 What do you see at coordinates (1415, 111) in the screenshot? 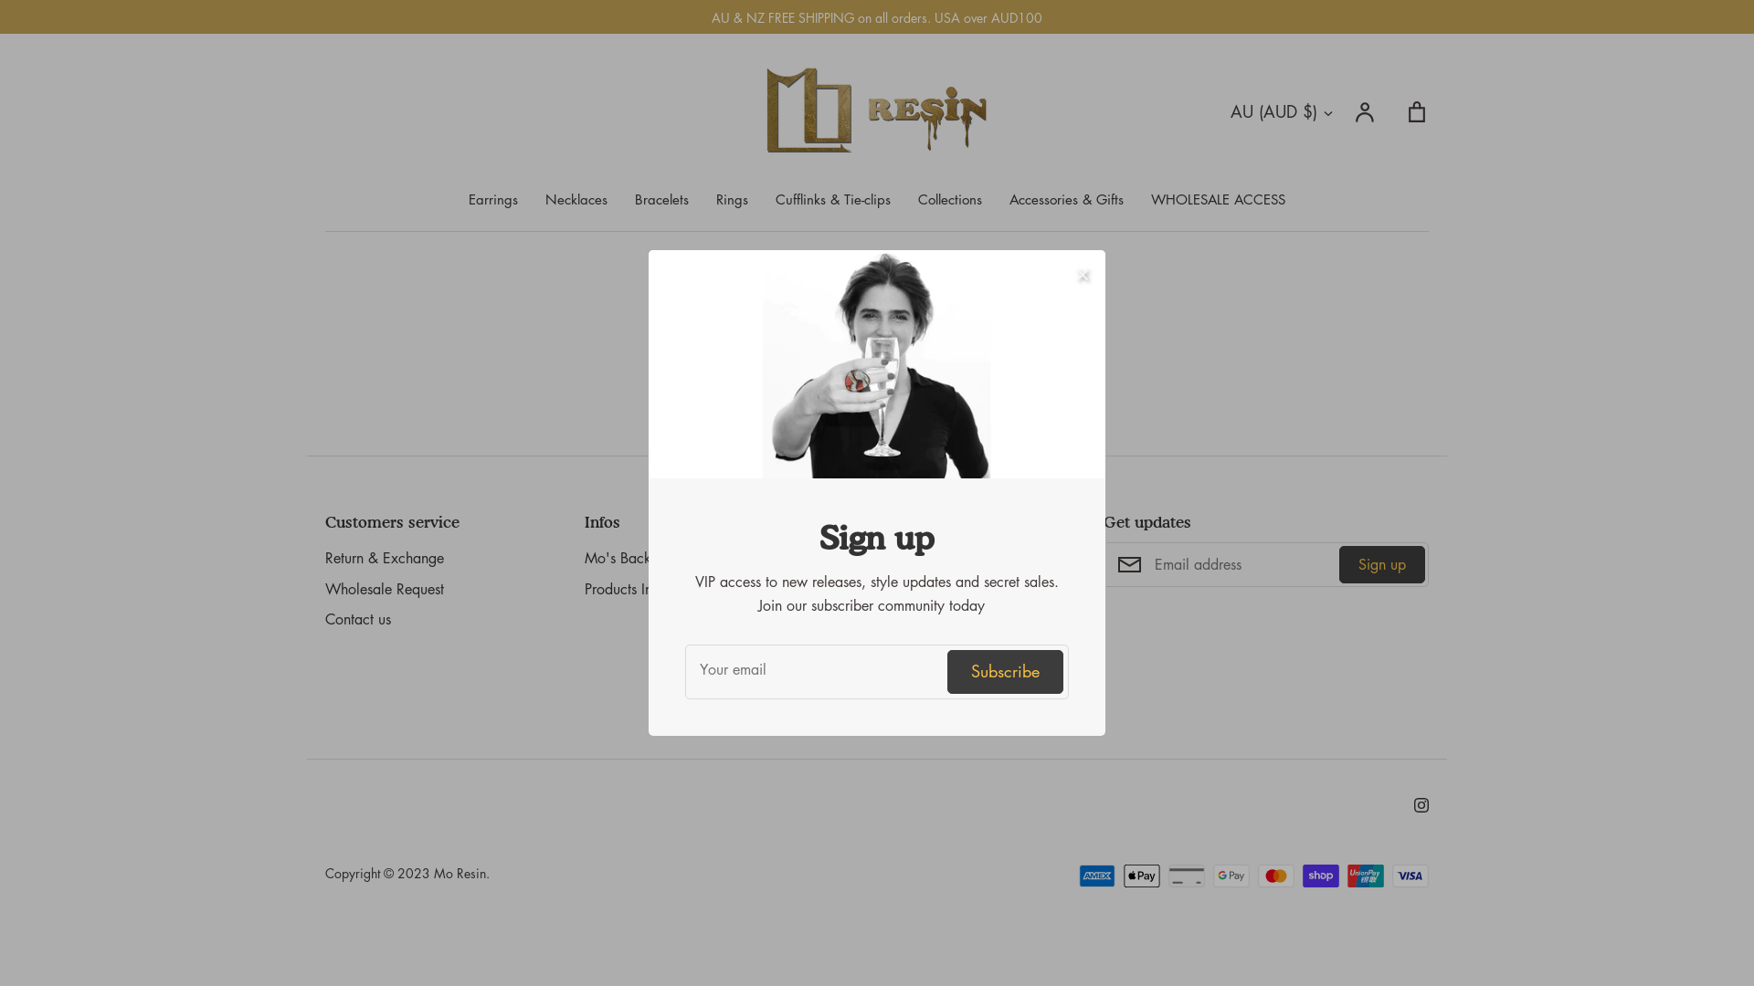
I see `'Cart'` at bounding box center [1415, 111].